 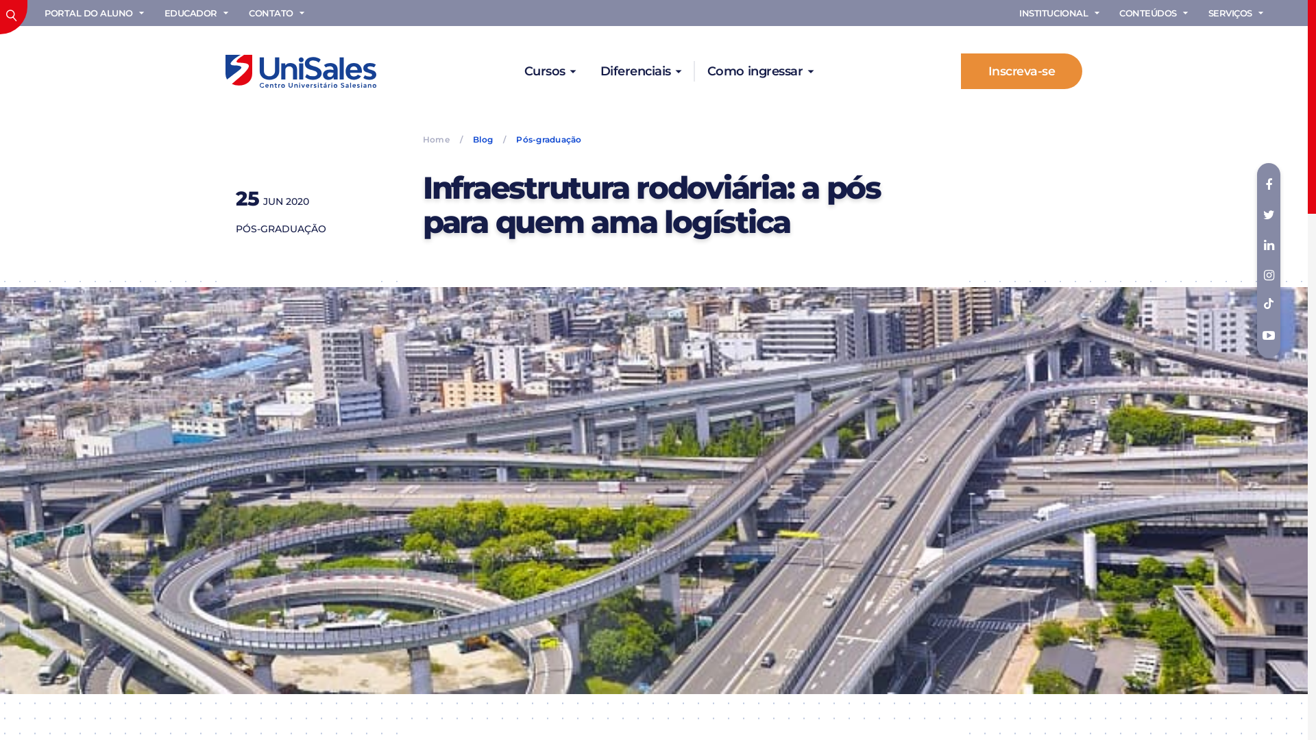 I want to click on 'Blog', so click(x=483, y=140).